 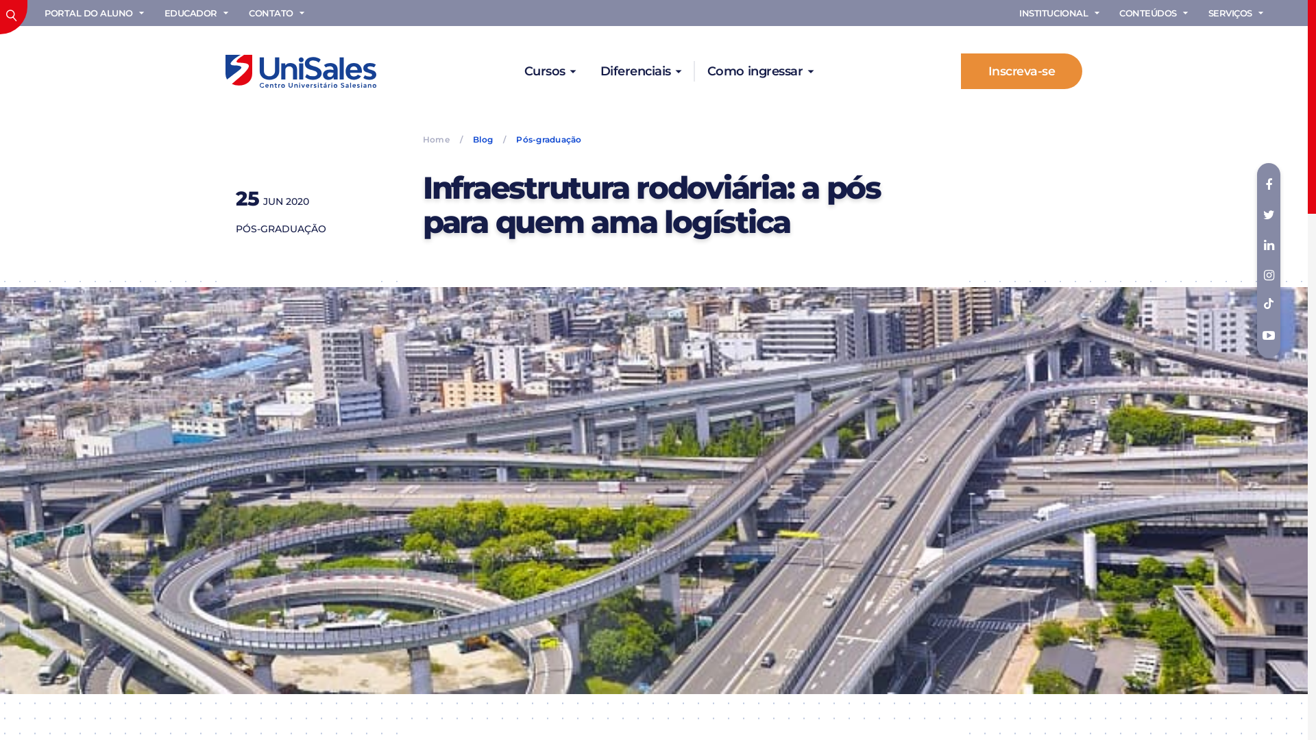 I want to click on 'Blog', so click(x=483, y=140).